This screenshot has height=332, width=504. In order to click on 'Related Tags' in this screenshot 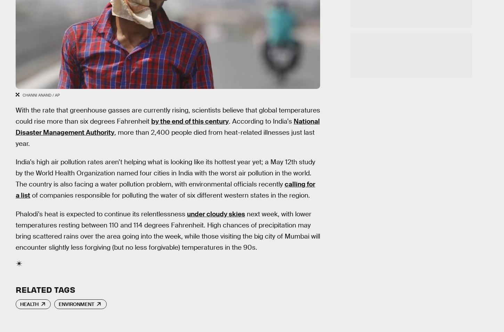, I will do `click(45, 289)`.